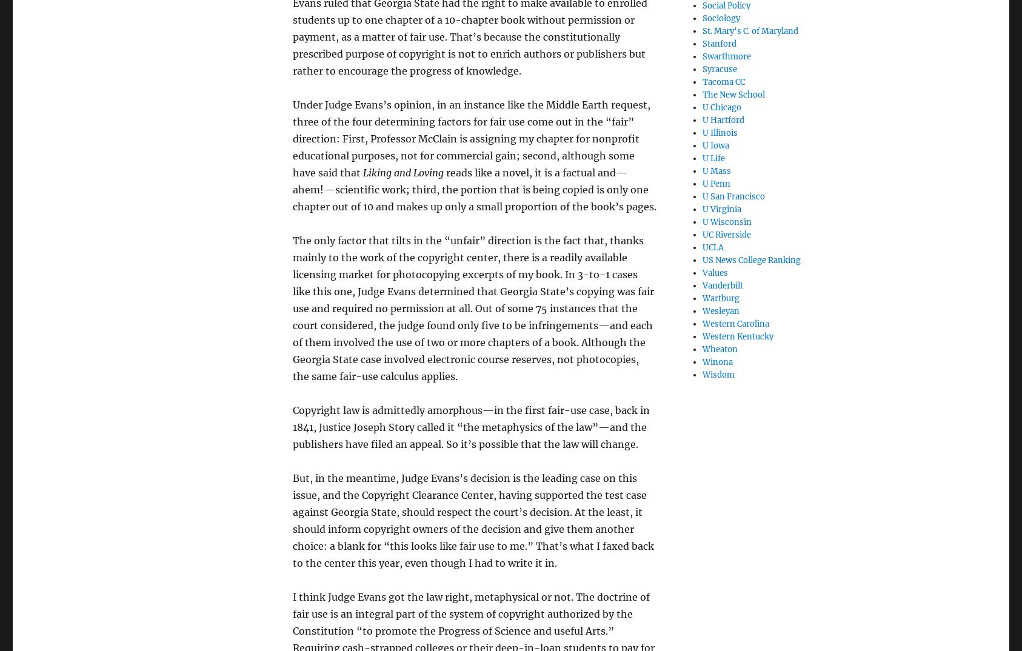  What do you see at coordinates (712, 247) in the screenshot?
I see `'UCLA'` at bounding box center [712, 247].